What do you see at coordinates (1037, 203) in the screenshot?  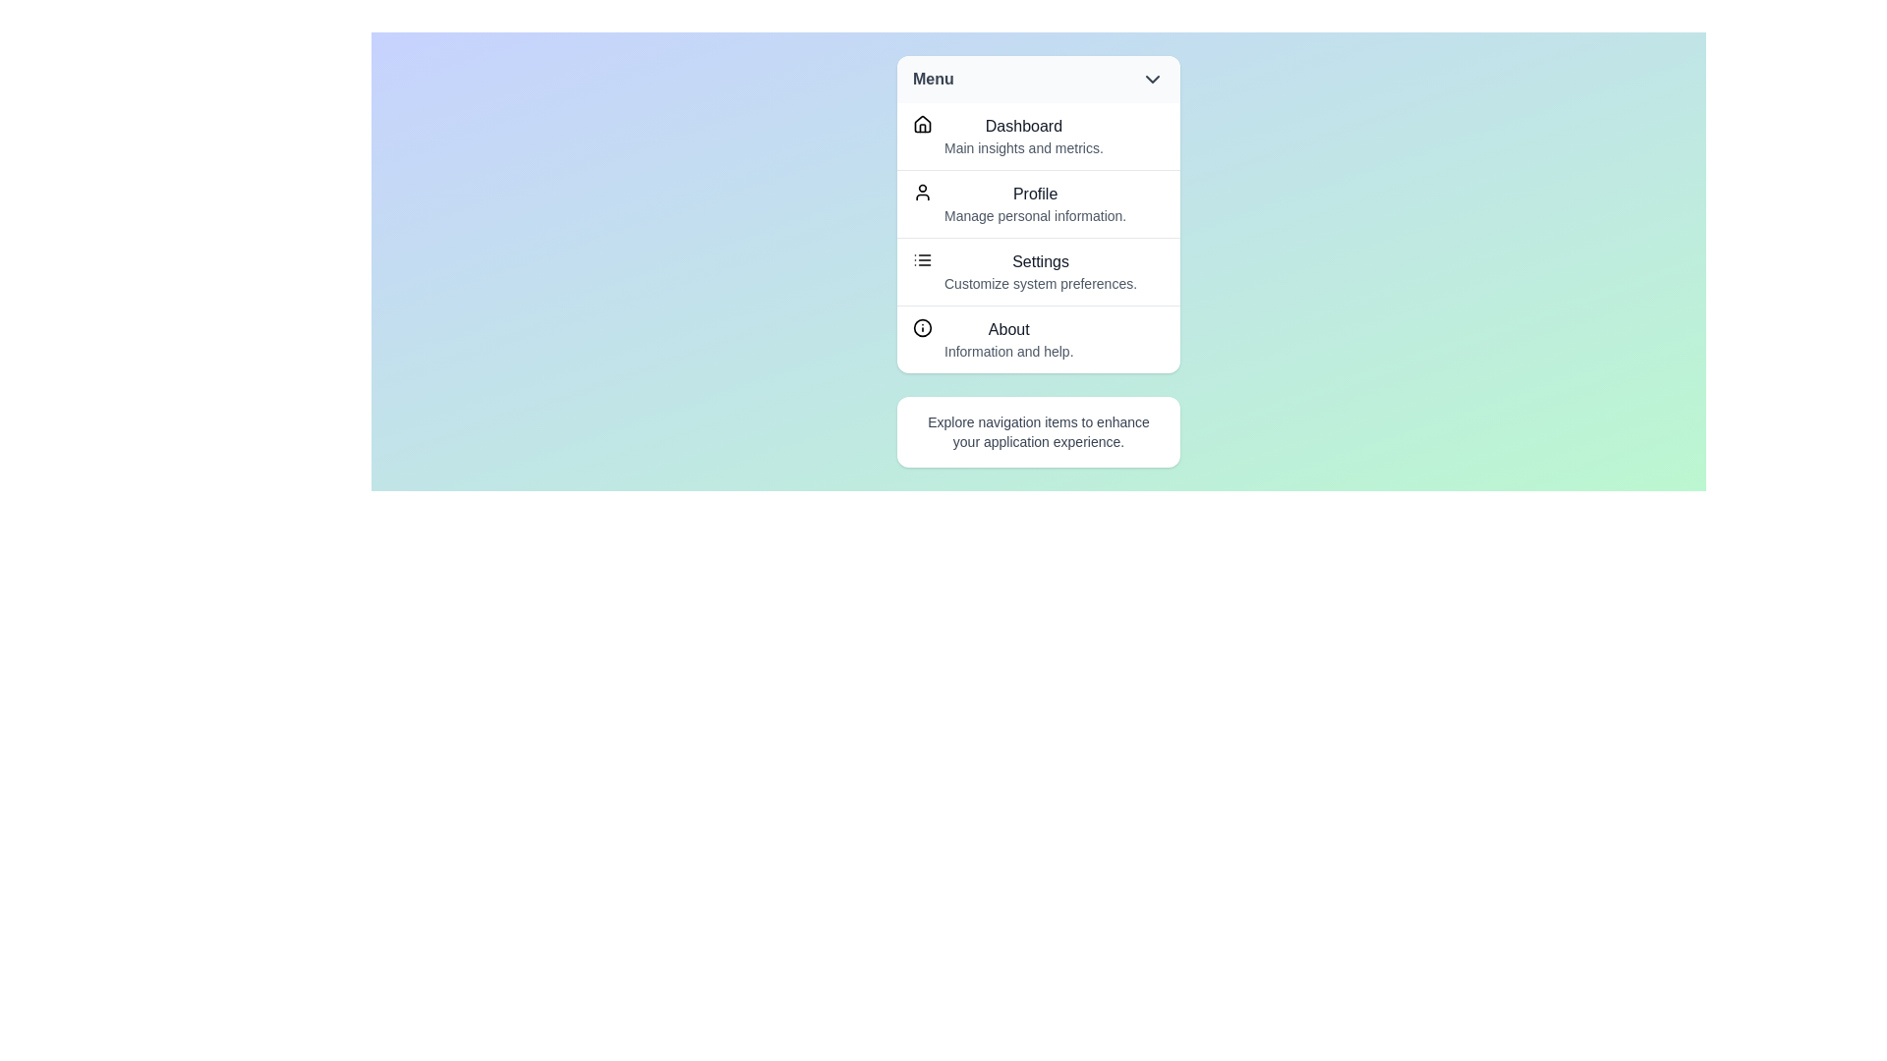 I see `the menu item labeled Profile` at bounding box center [1037, 203].